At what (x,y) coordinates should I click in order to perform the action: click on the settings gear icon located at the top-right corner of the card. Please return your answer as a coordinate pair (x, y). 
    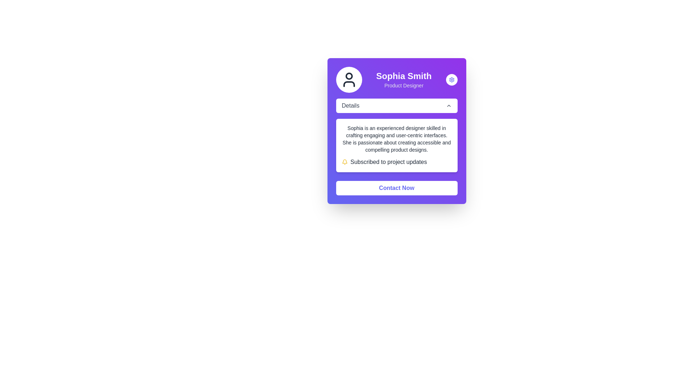
    Looking at the image, I should click on (451, 79).